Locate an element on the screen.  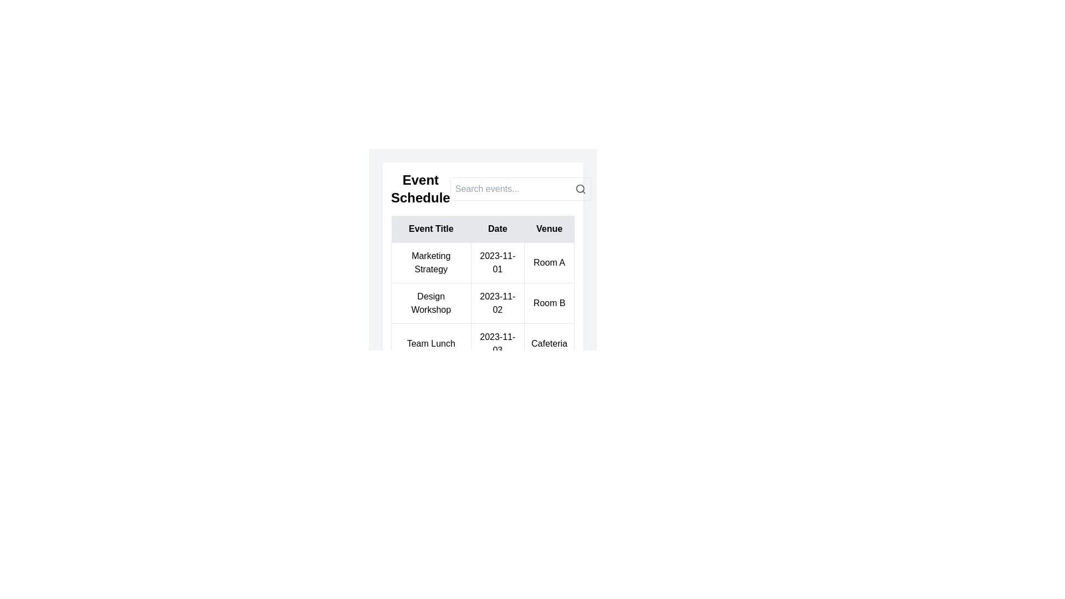
the static text display reading 'Room A', which is styled with padding and a border, located in the 'Venue' column of the table is located at coordinates (549, 263).